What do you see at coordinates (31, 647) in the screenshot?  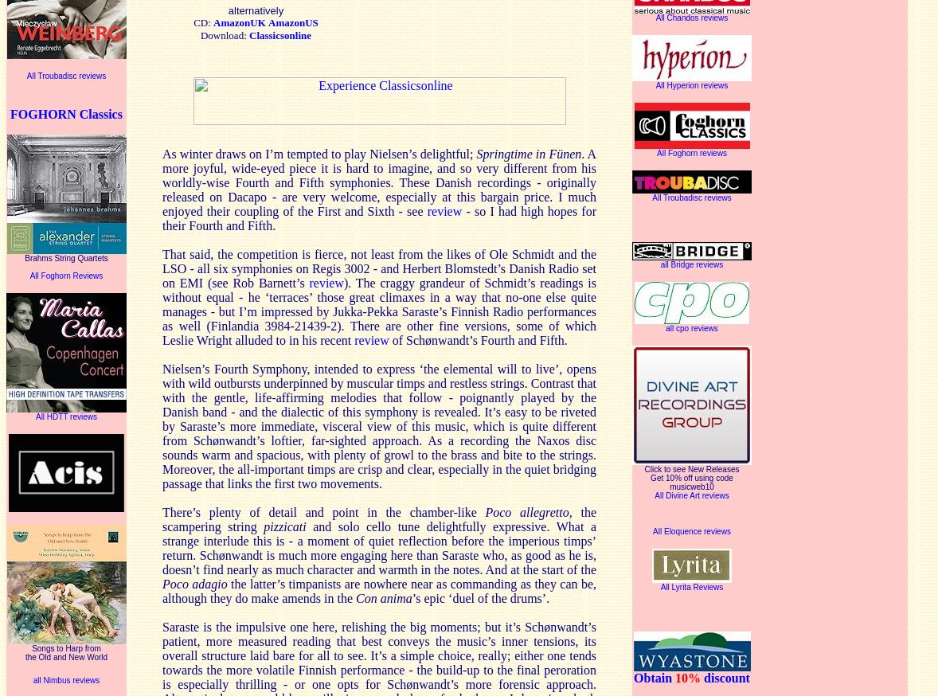 I see `'Songs to 
          Harp from'` at bounding box center [31, 647].